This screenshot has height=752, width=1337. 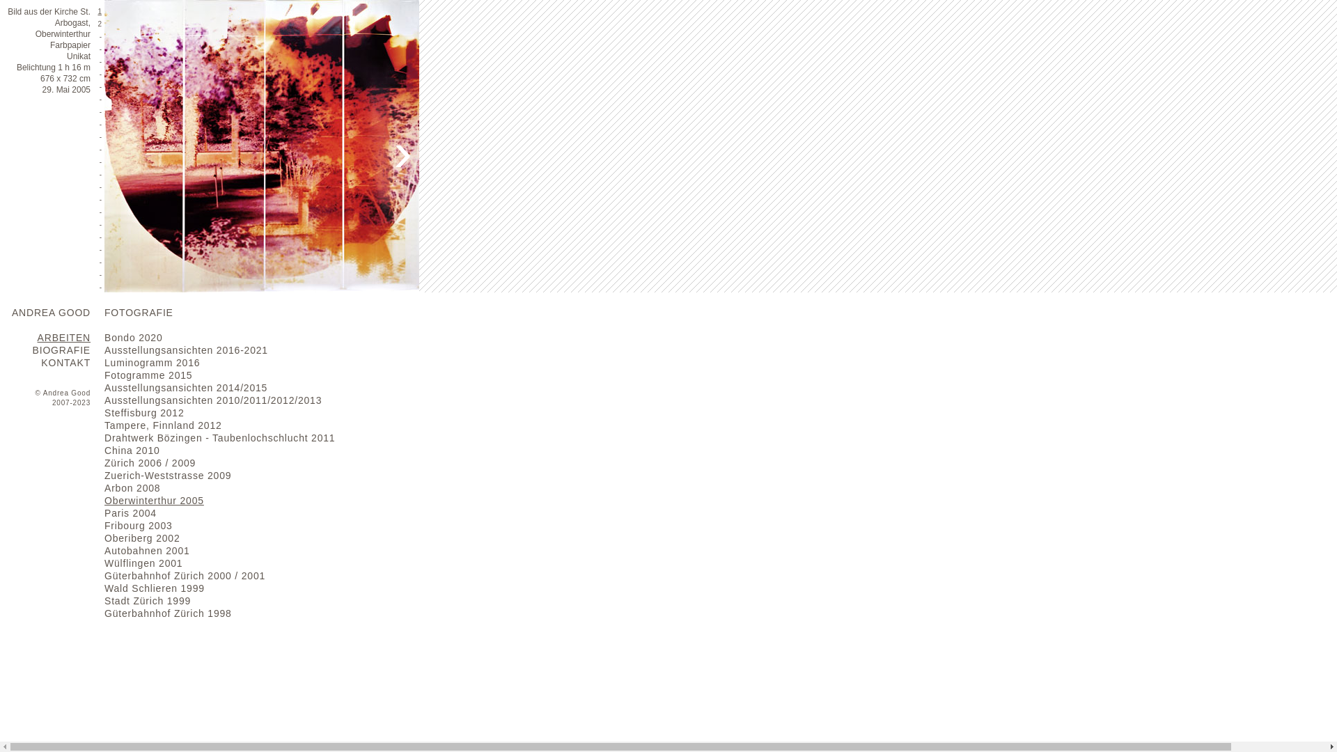 What do you see at coordinates (138, 526) in the screenshot?
I see `'Fribourg 2003'` at bounding box center [138, 526].